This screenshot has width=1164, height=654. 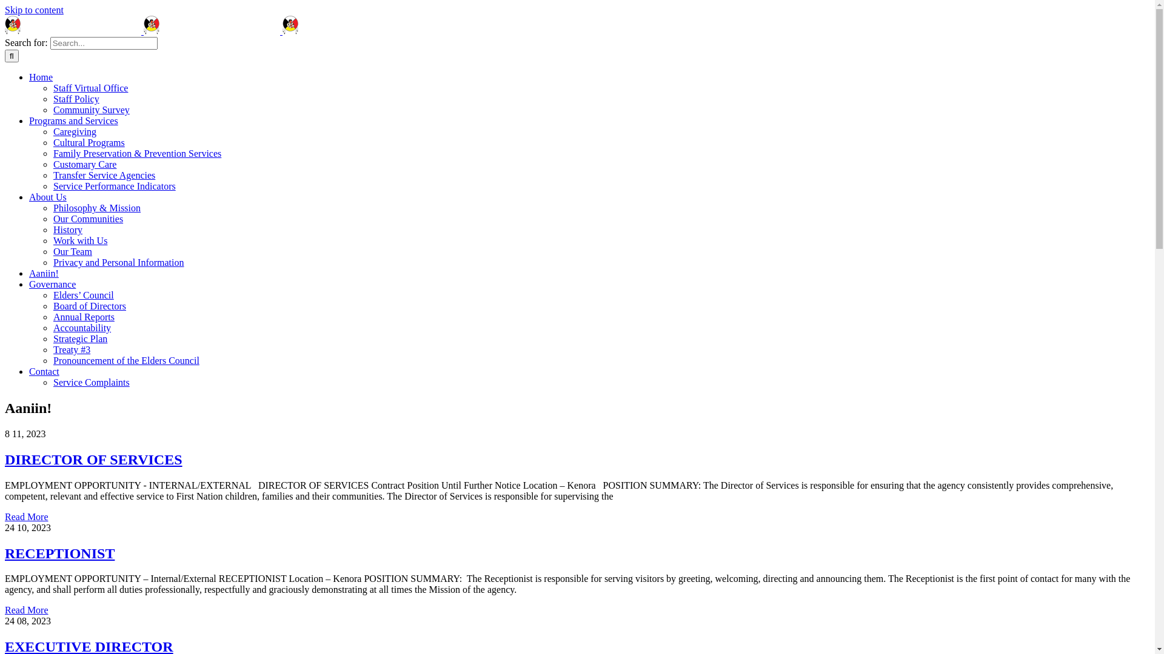 What do you see at coordinates (71, 349) in the screenshot?
I see `'Treaty #3'` at bounding box center [71, 349].